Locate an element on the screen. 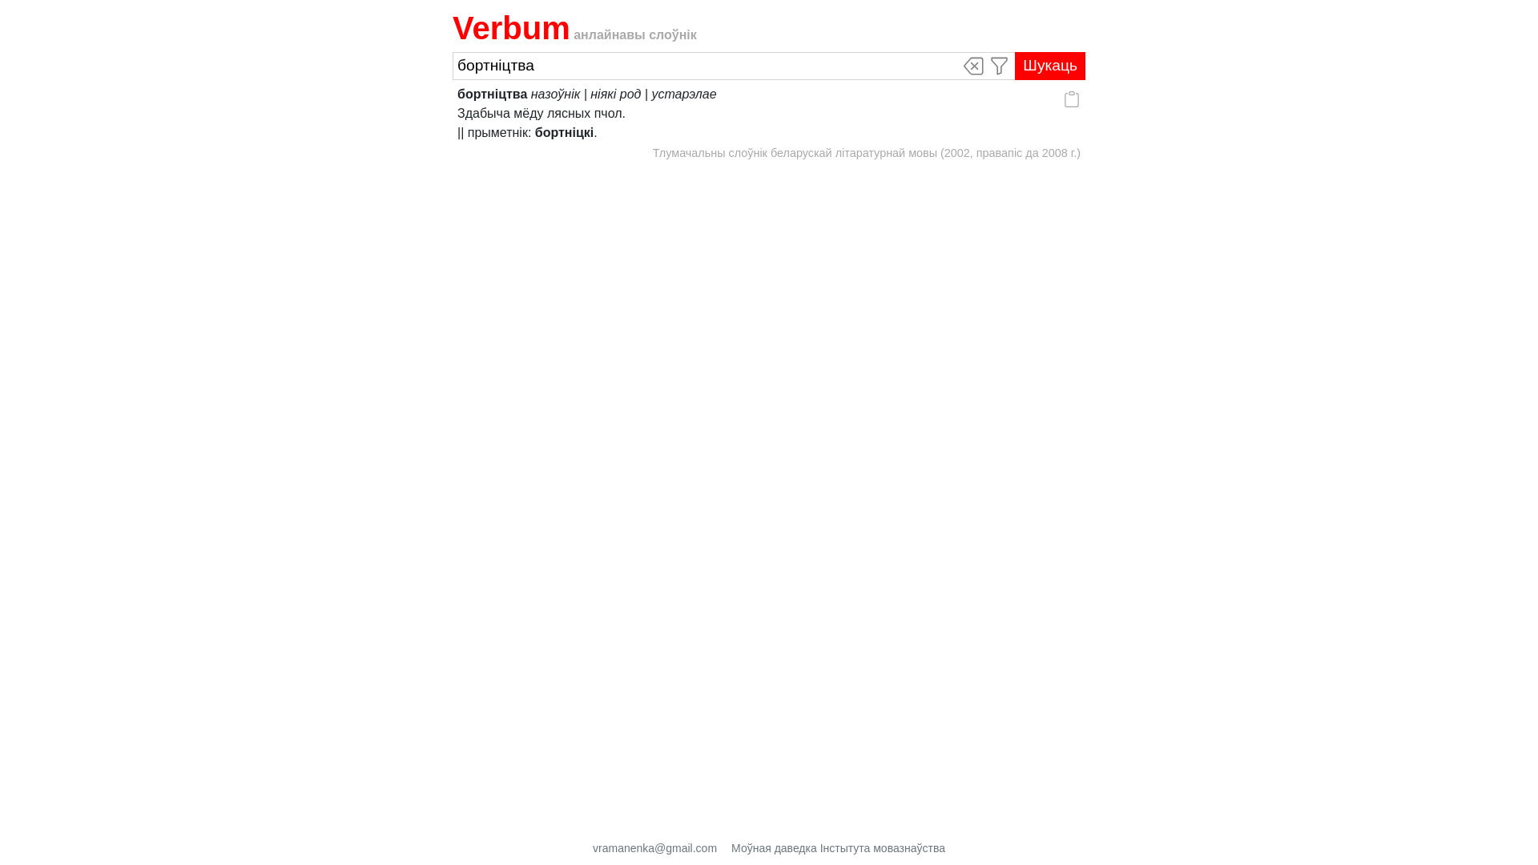  'Verbum' is located at coordinates (510, 27).